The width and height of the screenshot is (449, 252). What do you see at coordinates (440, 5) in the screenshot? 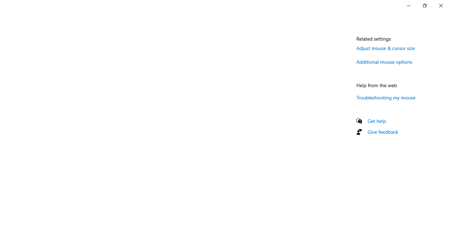
I see `'Close Settings'` at bounding box center [440, 5].